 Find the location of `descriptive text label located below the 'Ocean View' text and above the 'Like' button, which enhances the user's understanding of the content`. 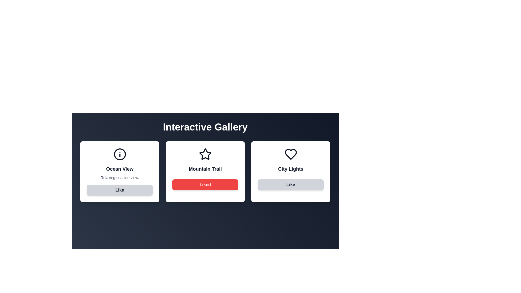

descriptive text label located below the 'Ocean View' text and above the 'Like' button, which enhances the user's understanding of the content is located at coordinates (119, 178).